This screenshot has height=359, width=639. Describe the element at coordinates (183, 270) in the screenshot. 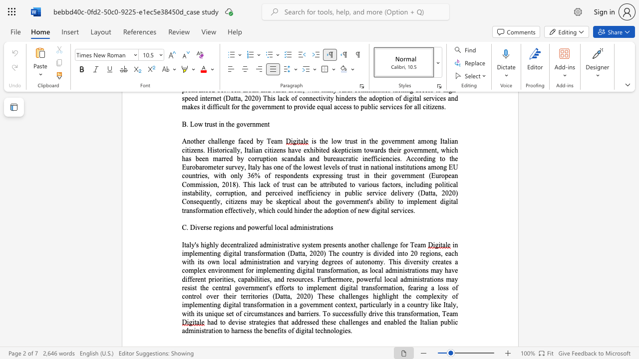

I see `the 5th character "c" in the text` at that location.